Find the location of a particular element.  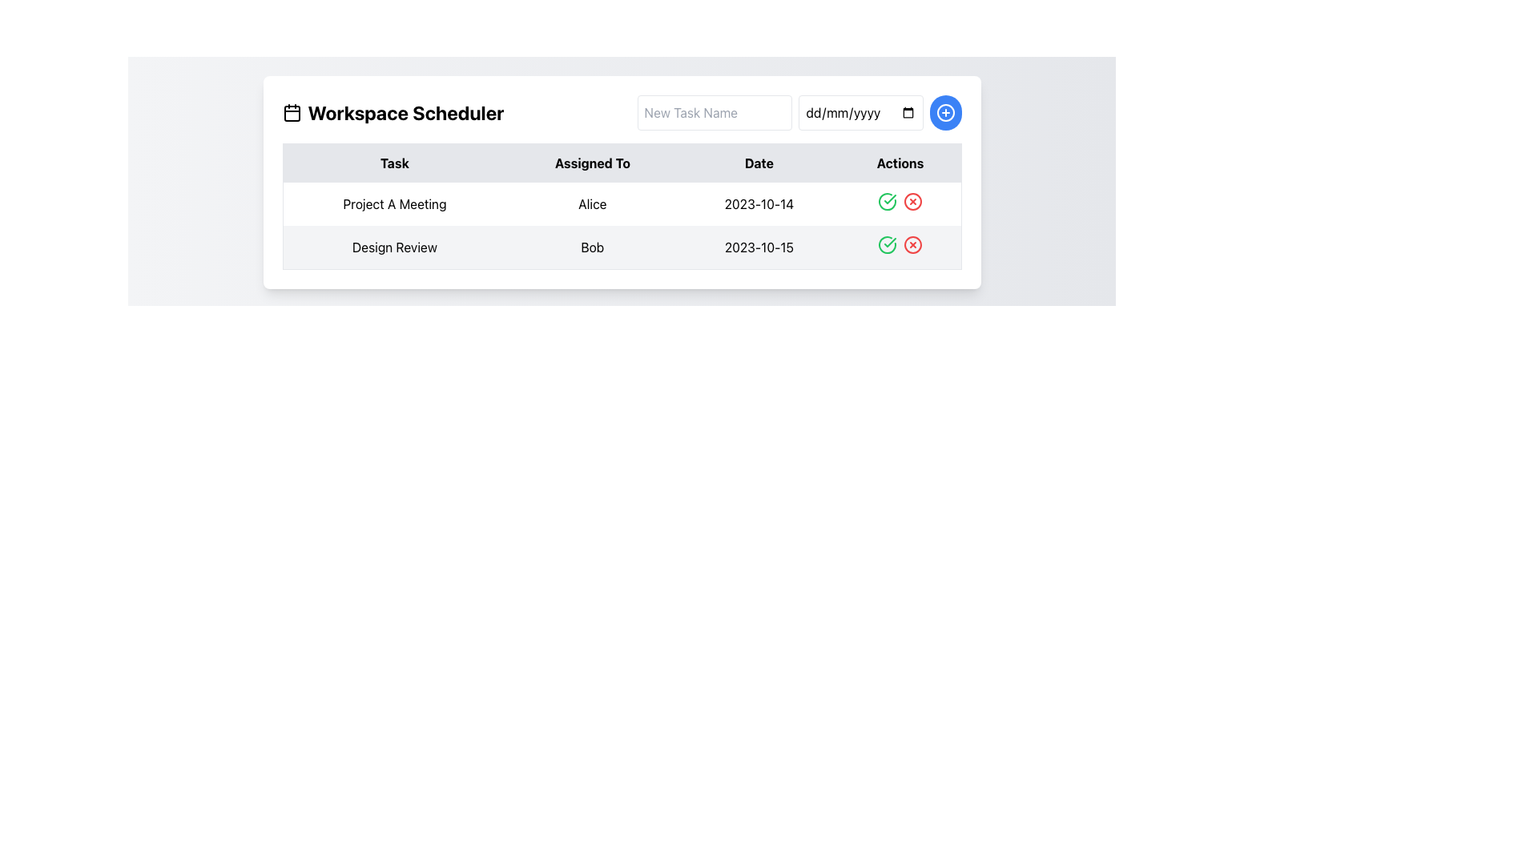

the 'Cancel' button in the 'Actions' column for the 'Design Review' task is located at coordinates (913, 244).